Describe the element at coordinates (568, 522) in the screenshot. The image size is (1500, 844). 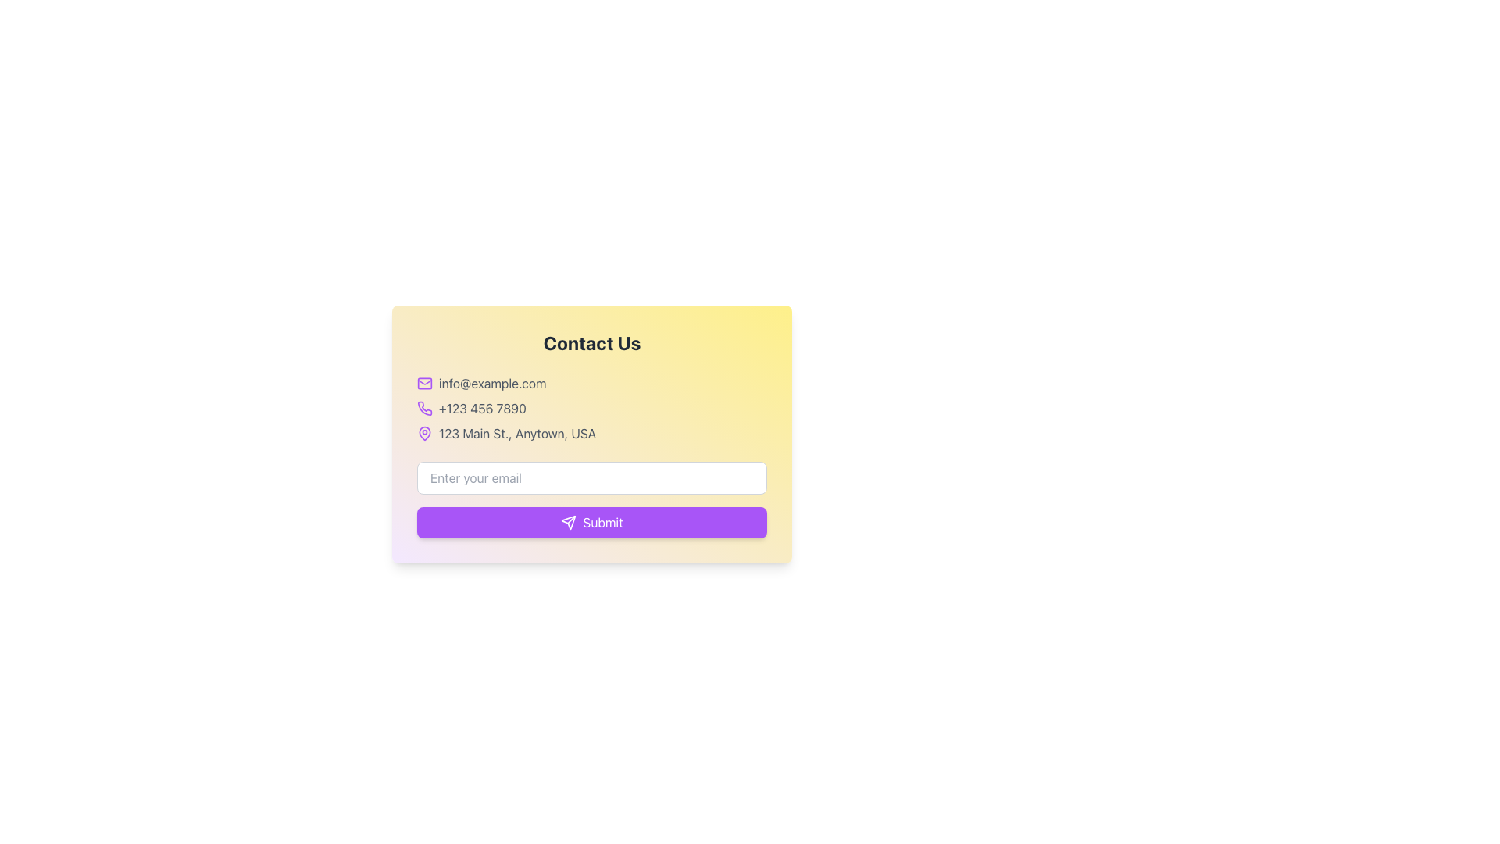
I see `the lower left triangular part of the paper plane icon, which is part of the 'Send' button, located to the left of the text 'Submit' on a purple button at the bottom of the card` at that location.